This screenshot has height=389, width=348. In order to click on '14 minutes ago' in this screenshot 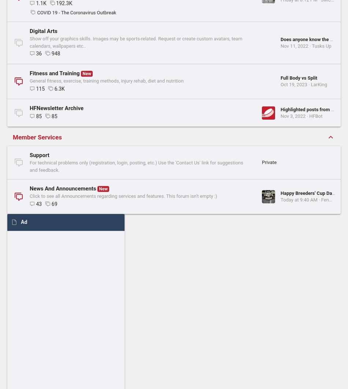, I will do `click(172, 12)`.